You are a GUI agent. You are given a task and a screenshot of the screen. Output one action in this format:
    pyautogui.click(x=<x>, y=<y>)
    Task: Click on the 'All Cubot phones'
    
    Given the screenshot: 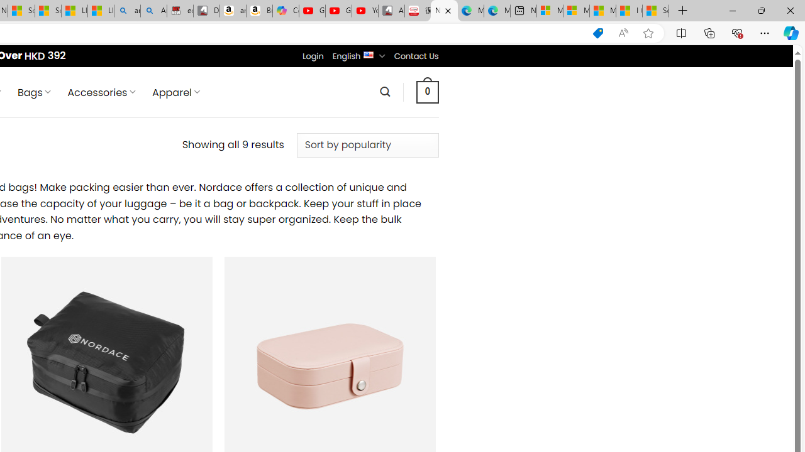 What is the action you would take?
    pyautogui.click(x=391, y=11)
    